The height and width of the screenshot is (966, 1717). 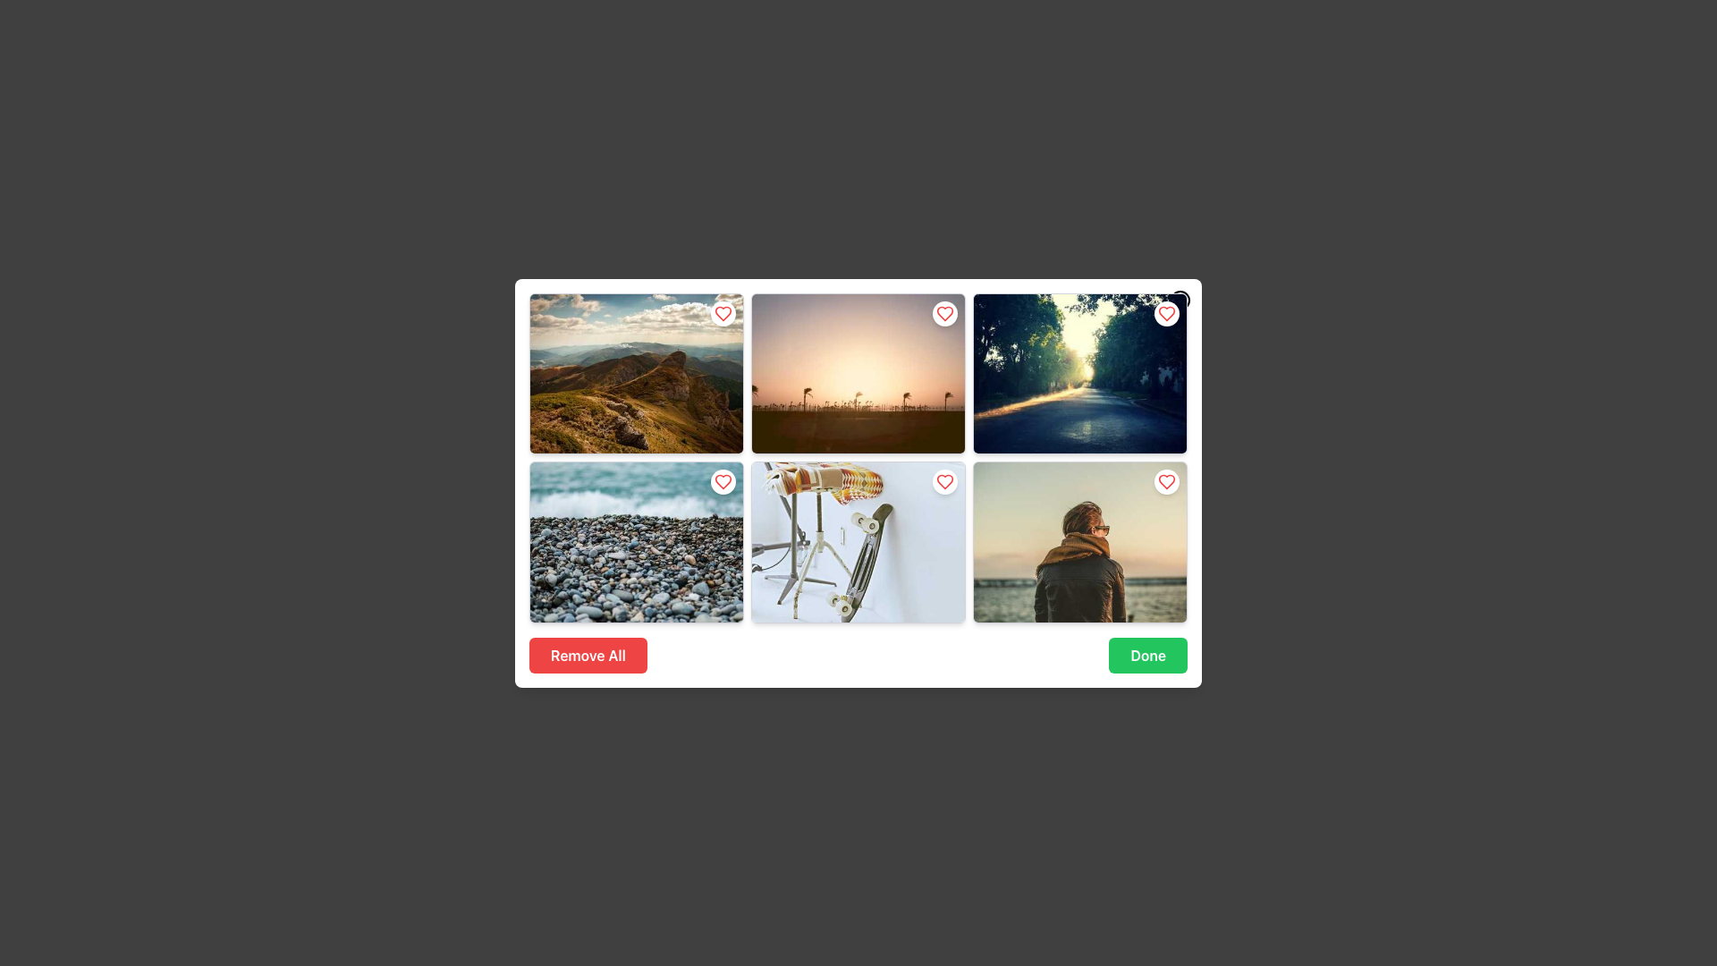 What do you see at coordinates (636, 540) in the screenshot?
I see `the image thumbnail that is the first element in the second row of a 3x2 grid layout, located directly below the first image showcasing a mountainous landscape` at bounding box center [636, 540].